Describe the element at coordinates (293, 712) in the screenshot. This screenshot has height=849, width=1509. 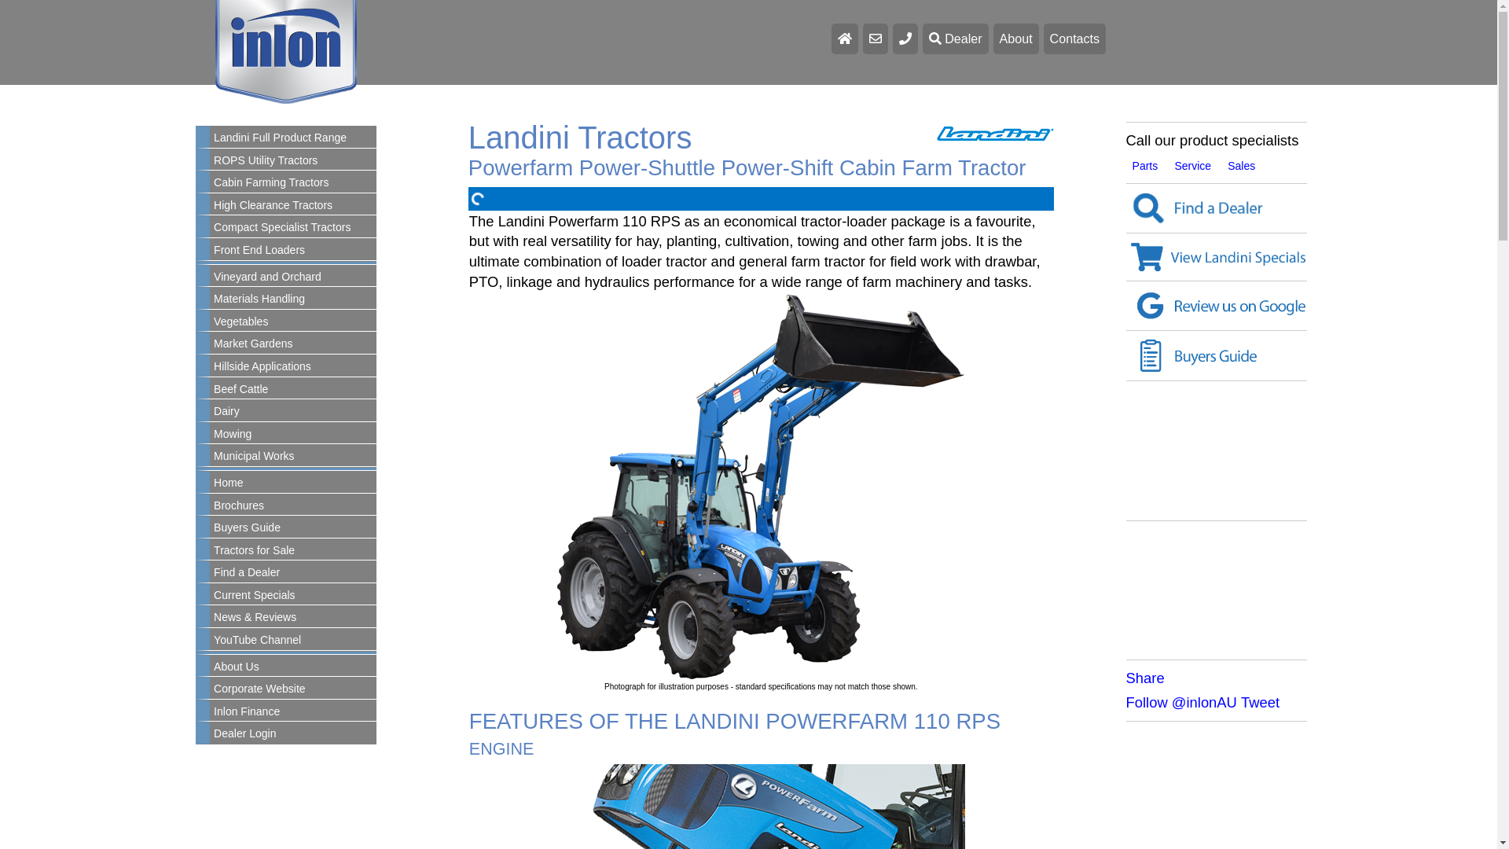
I see `'Inlon Finance'` at that location.